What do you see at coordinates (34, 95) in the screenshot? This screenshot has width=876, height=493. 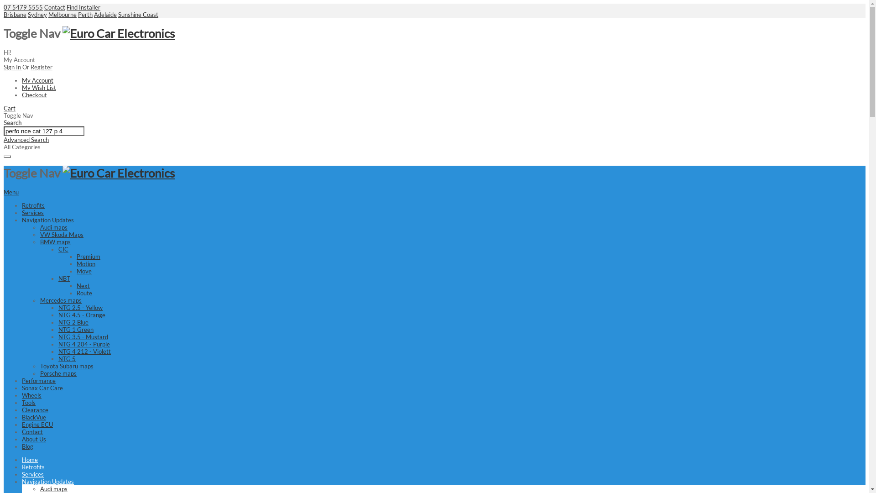 I see `'Checkout'` at bounding box center [34, 95].